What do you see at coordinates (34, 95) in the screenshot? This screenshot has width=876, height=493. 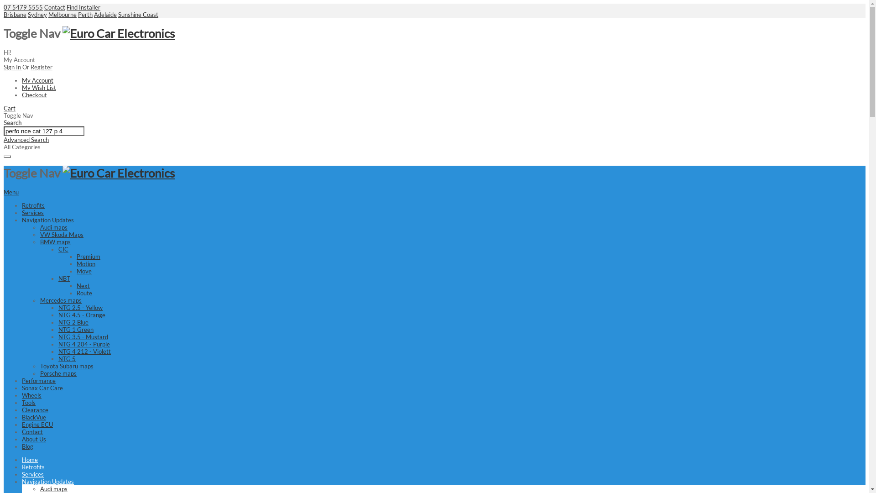 I see `'Checkout'` at bounding box center [34, 95].